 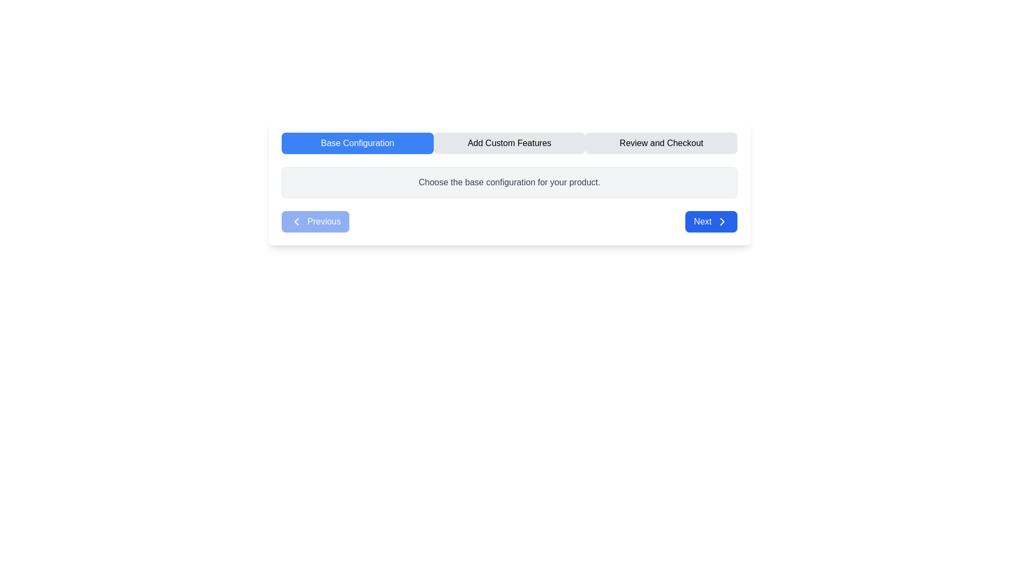 What do you see at coordinates (661, 142) in the screenshot?
I see `the 'Review and Checkout' button, which is a light gray rectangular button with rounded corners and center-aligned black text` at bounding box center [661, 142].